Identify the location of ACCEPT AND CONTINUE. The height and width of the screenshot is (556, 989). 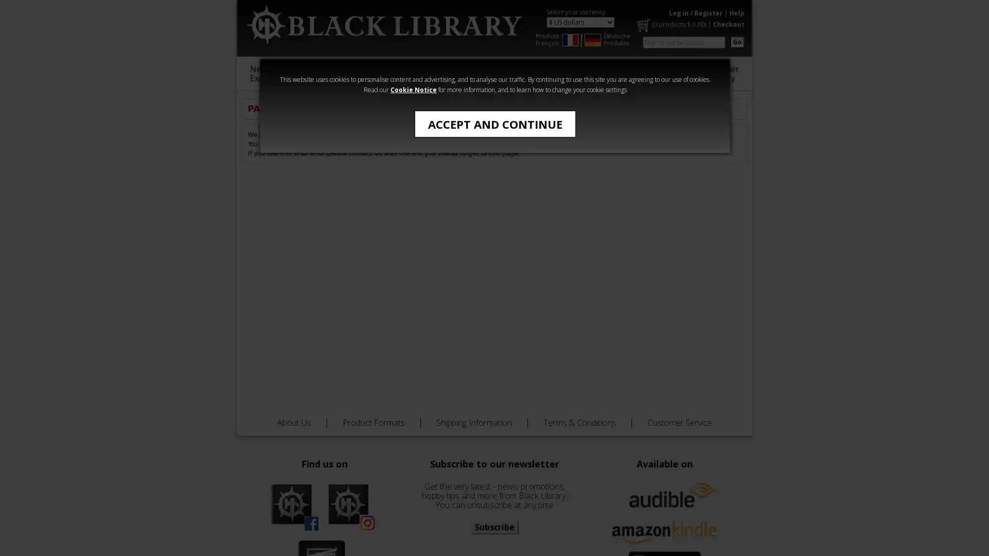
(494, 123).